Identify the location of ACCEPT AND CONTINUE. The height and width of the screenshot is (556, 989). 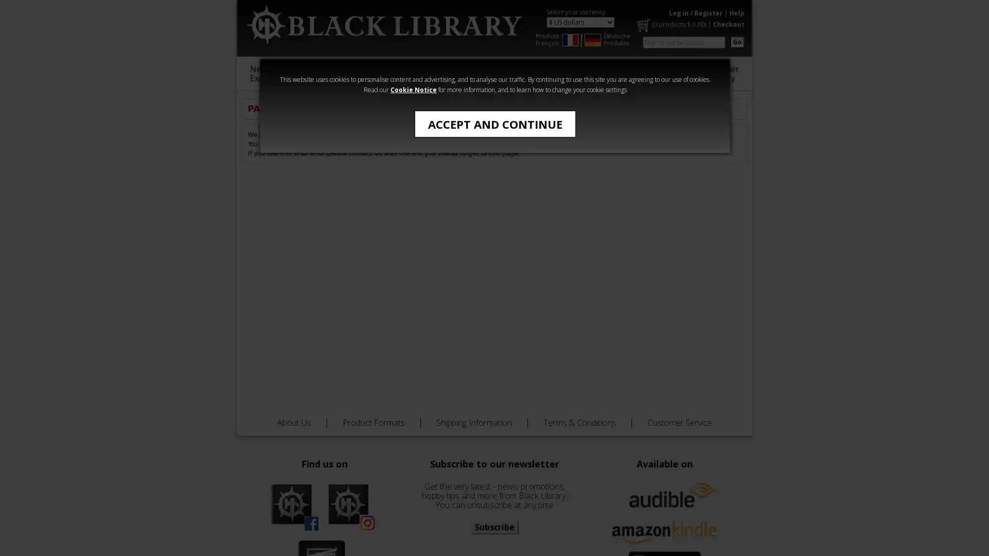
(494, 123).